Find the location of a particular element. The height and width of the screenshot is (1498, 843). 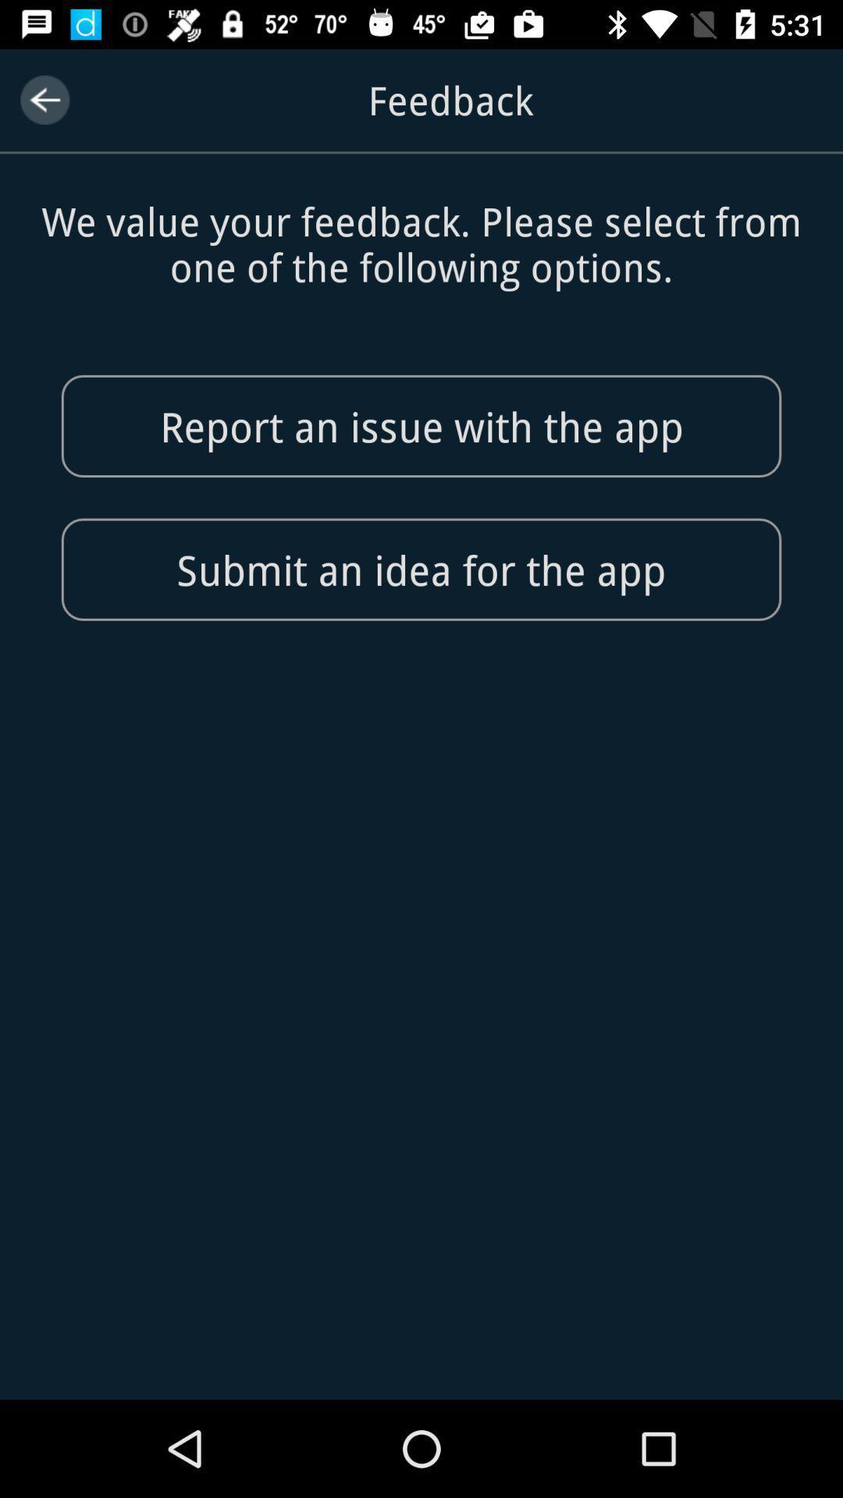

the arrow_backward icon is located at coordinates (44, 99).